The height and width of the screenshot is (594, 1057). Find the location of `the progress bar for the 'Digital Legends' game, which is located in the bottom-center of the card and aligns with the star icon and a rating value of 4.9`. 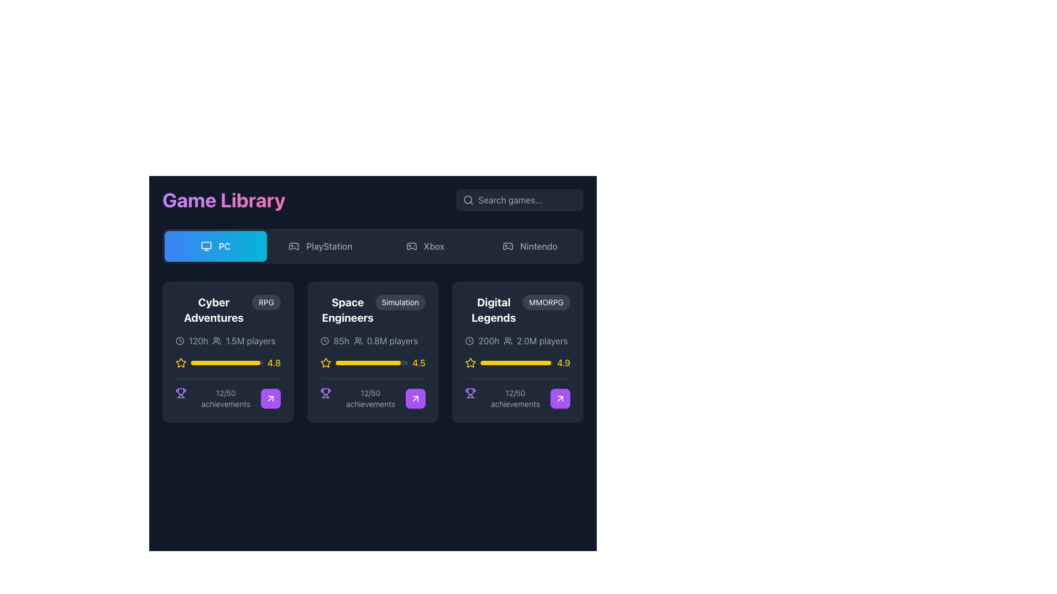

the progress bar for the 'Digital Legends' game, which is located in the bottom-center of the card and aligns with the star icon and a rating value of 4.9 is located at coordinates (515, 362).